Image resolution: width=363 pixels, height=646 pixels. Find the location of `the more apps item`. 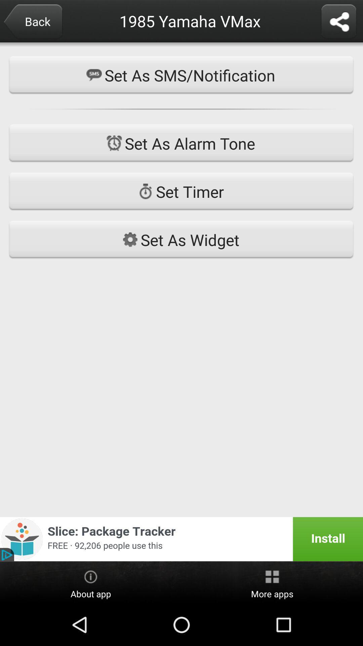

the more apps item is located at coordinates (272, 583).